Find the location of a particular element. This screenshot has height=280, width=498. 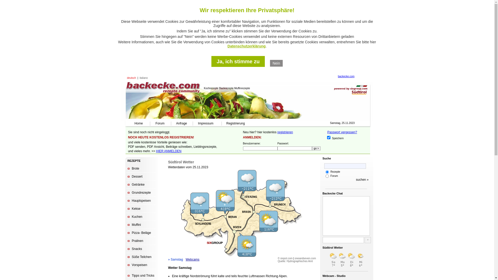

'Home' is located at coordinates (139, 123).